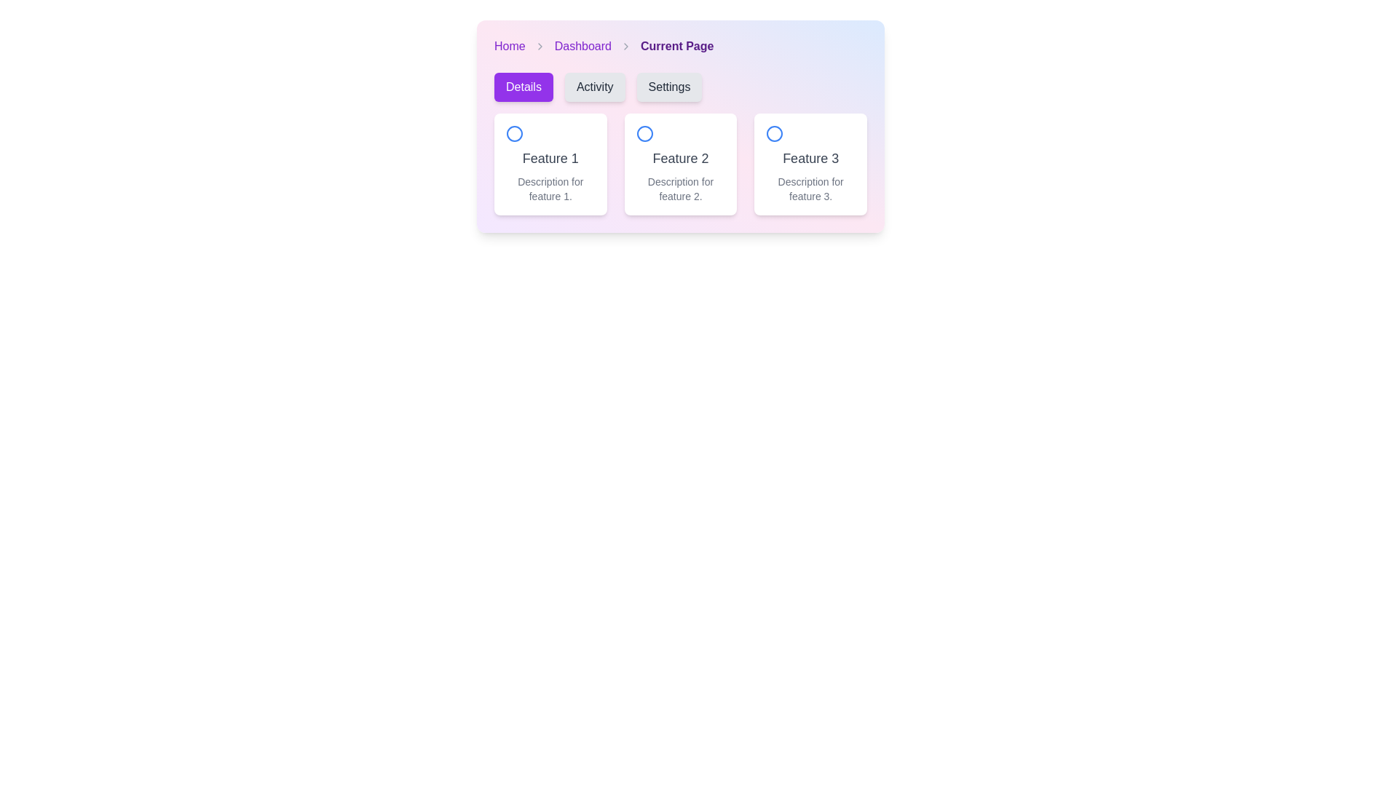 This screenshot has height=786, width=1398. I want to click on the Circular icon located in the third box under the label 'Feature 3', which signifies the selection or status of the associated feature card, so click(774, 134).